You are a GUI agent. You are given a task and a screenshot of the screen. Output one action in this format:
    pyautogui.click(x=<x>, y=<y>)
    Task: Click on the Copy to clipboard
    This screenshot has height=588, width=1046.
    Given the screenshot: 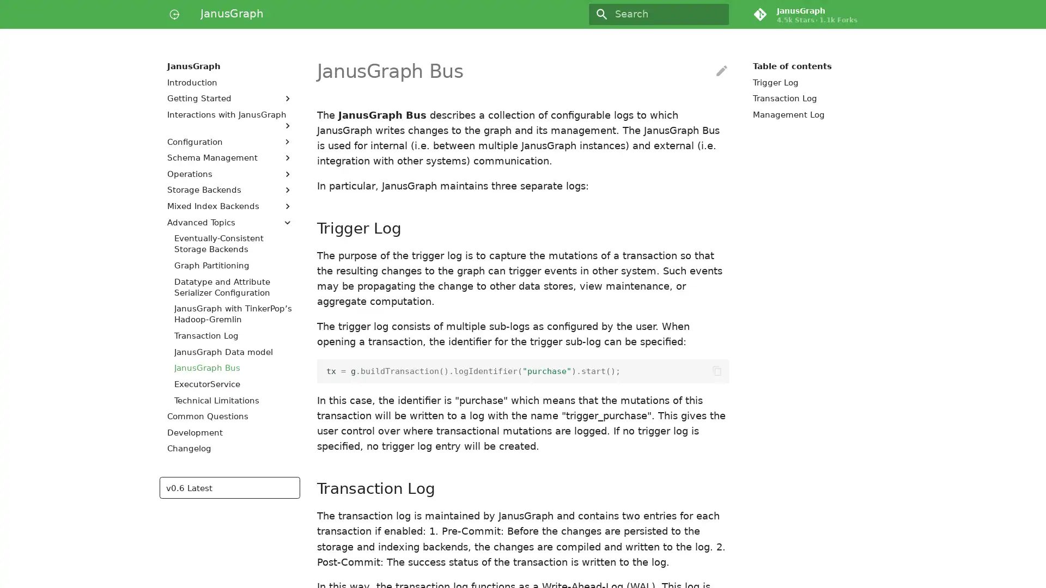 What is the action you would take?
    pyautogui.click(x=716, y=370)
    